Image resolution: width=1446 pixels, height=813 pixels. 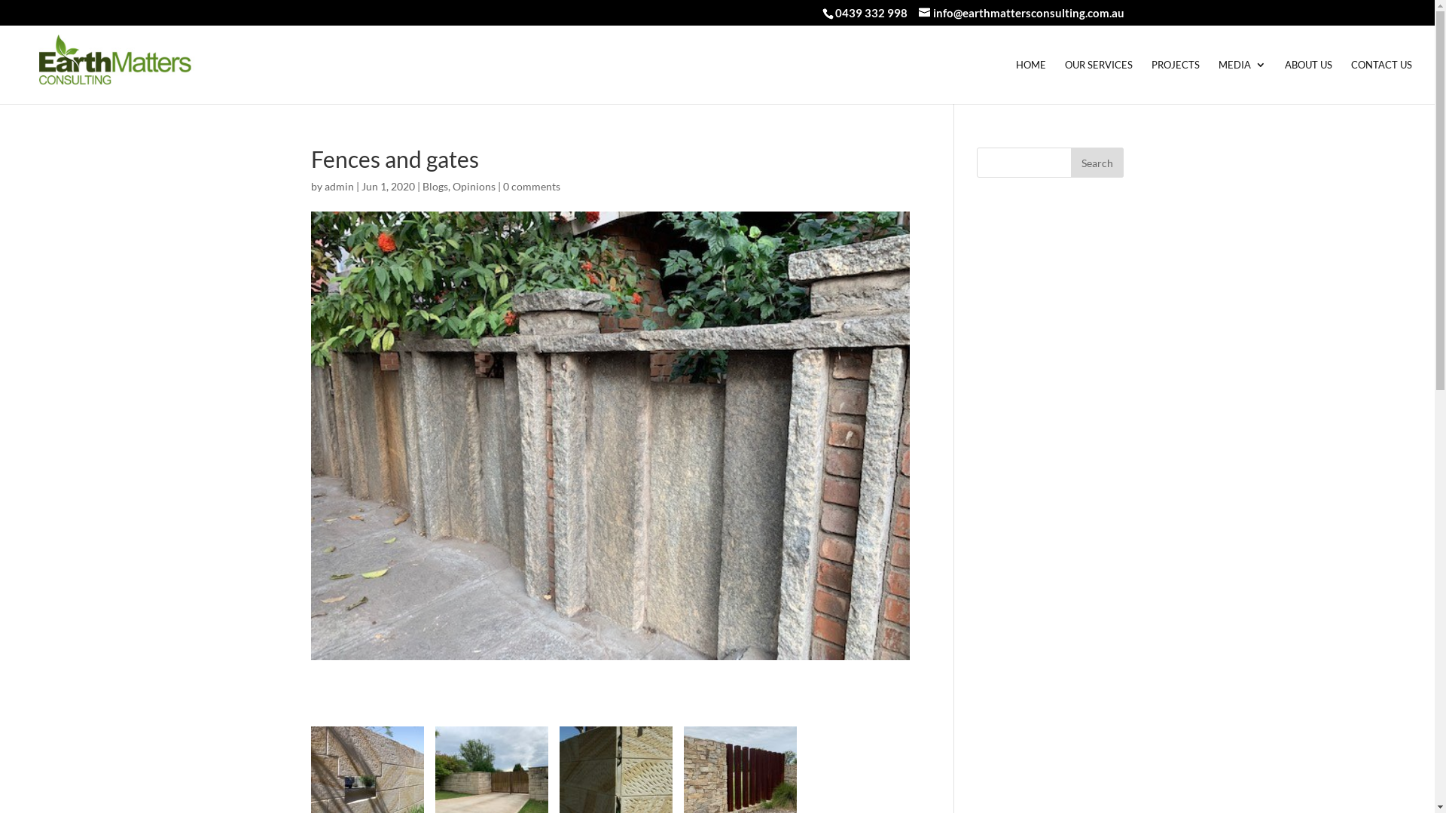 I want to click on 'Blogs', so click(x=433, y=185).